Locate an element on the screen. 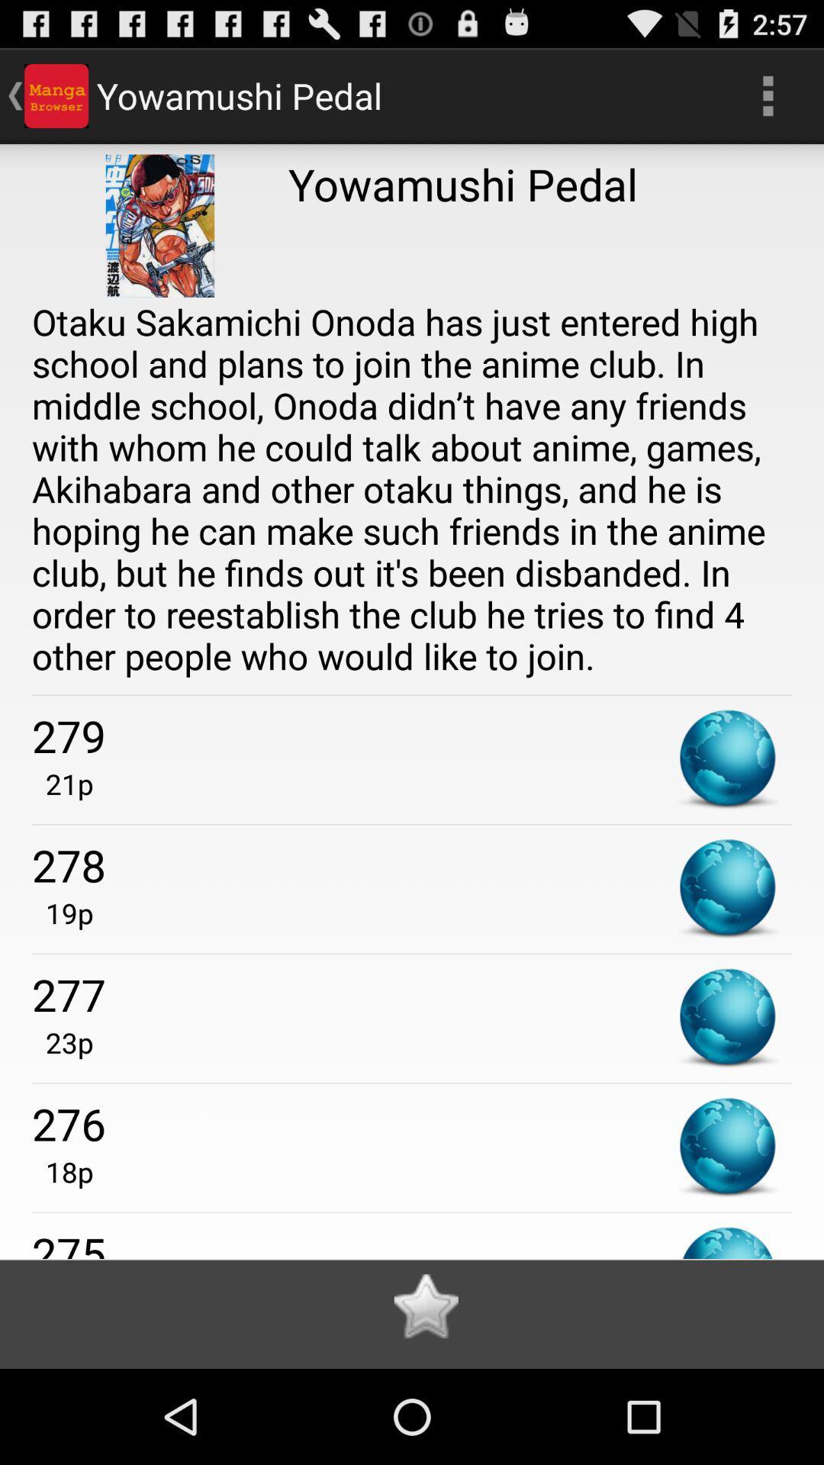  275 icon is located at coordinates (412, 1241).